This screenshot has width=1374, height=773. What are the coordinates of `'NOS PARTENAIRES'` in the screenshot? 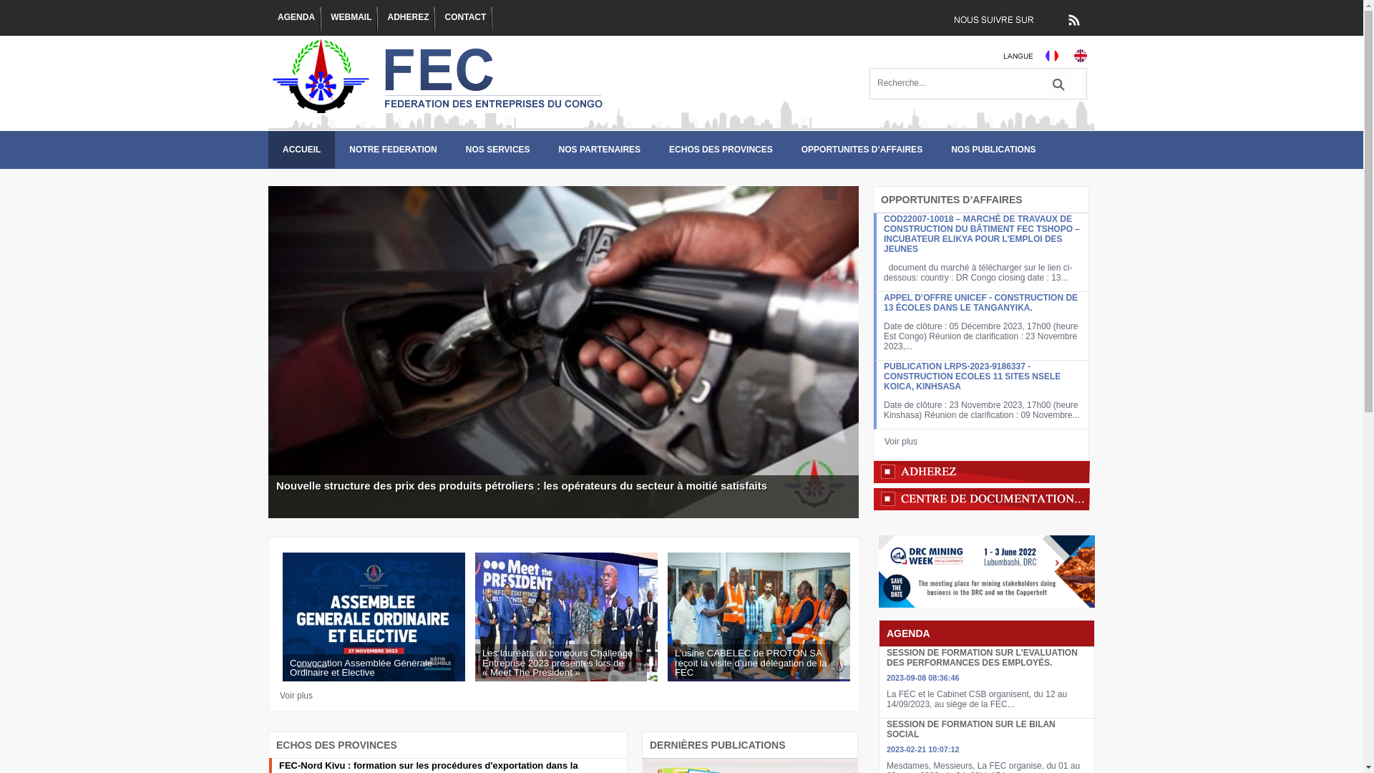 It's located at (600, 149).